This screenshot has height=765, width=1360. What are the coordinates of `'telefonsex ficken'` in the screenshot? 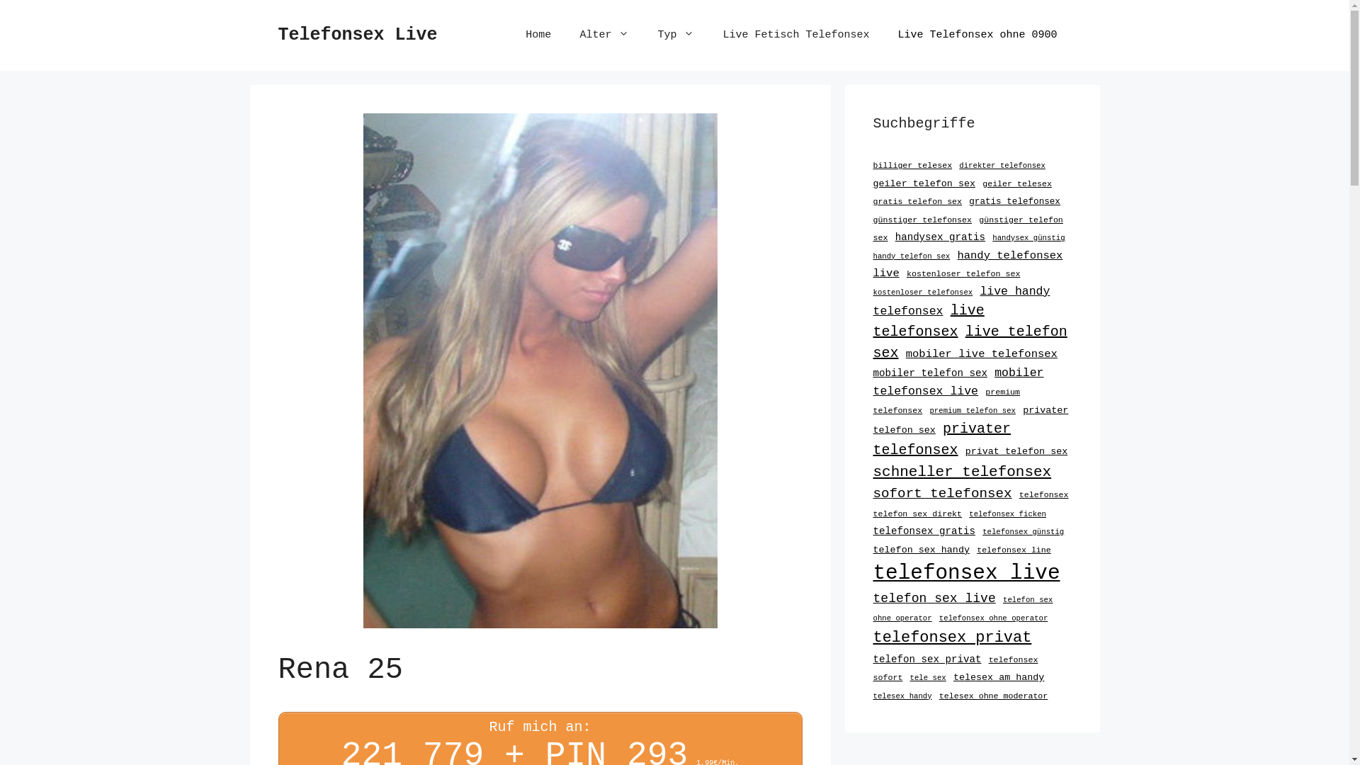 It's located at (968, 514).